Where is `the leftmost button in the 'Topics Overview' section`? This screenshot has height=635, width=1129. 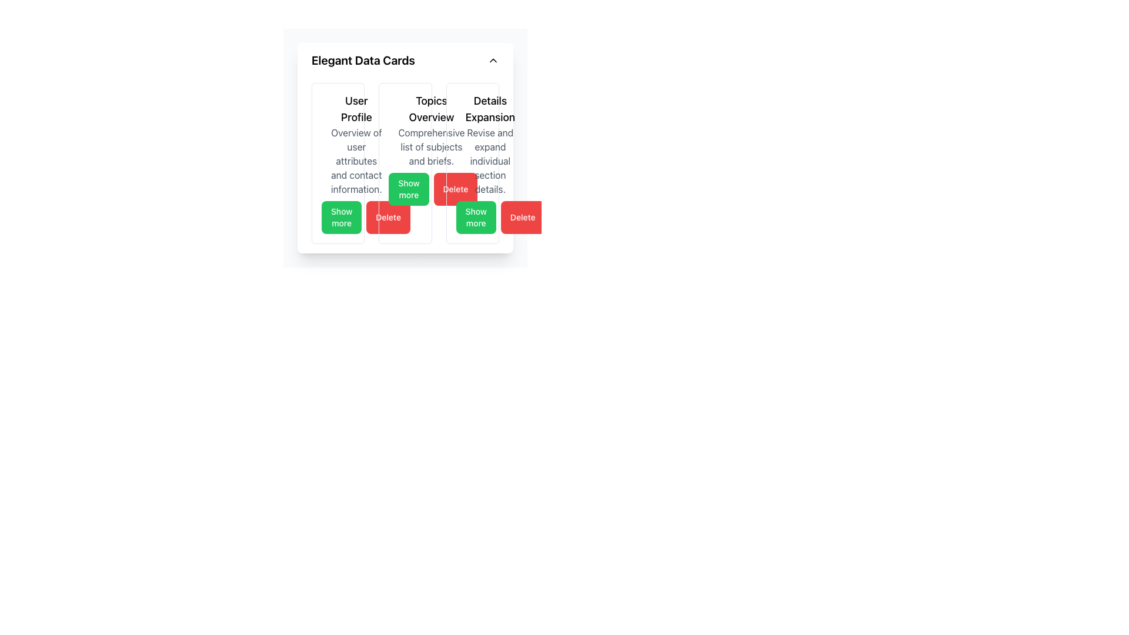
the leftmost button in the 'Topics Overview' section is located at coordinates (409, 188).